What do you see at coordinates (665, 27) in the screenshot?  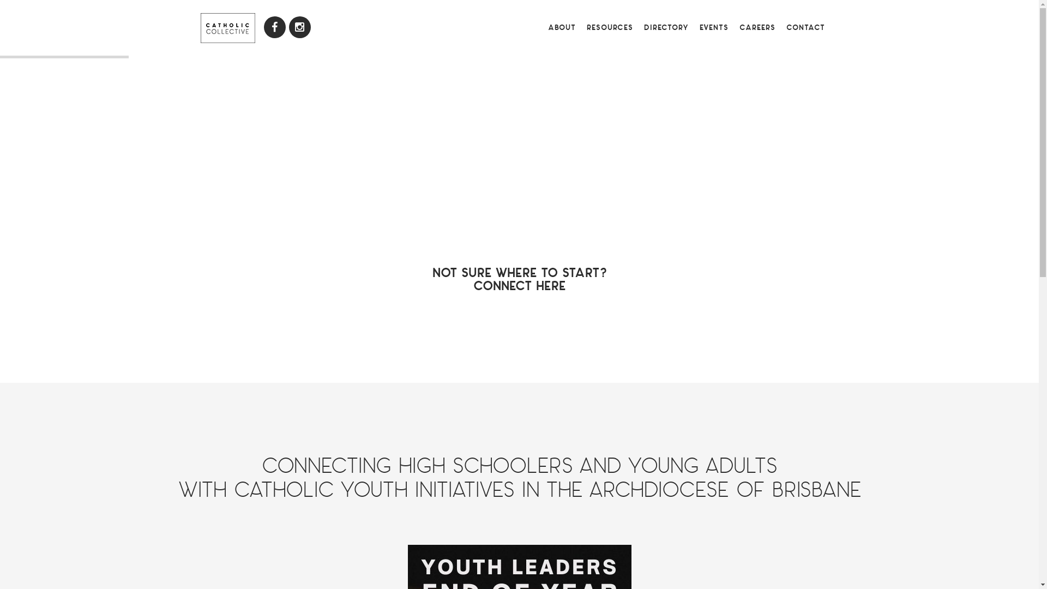 I see `'DIRECTORY'` at bounding box center [665, 27].